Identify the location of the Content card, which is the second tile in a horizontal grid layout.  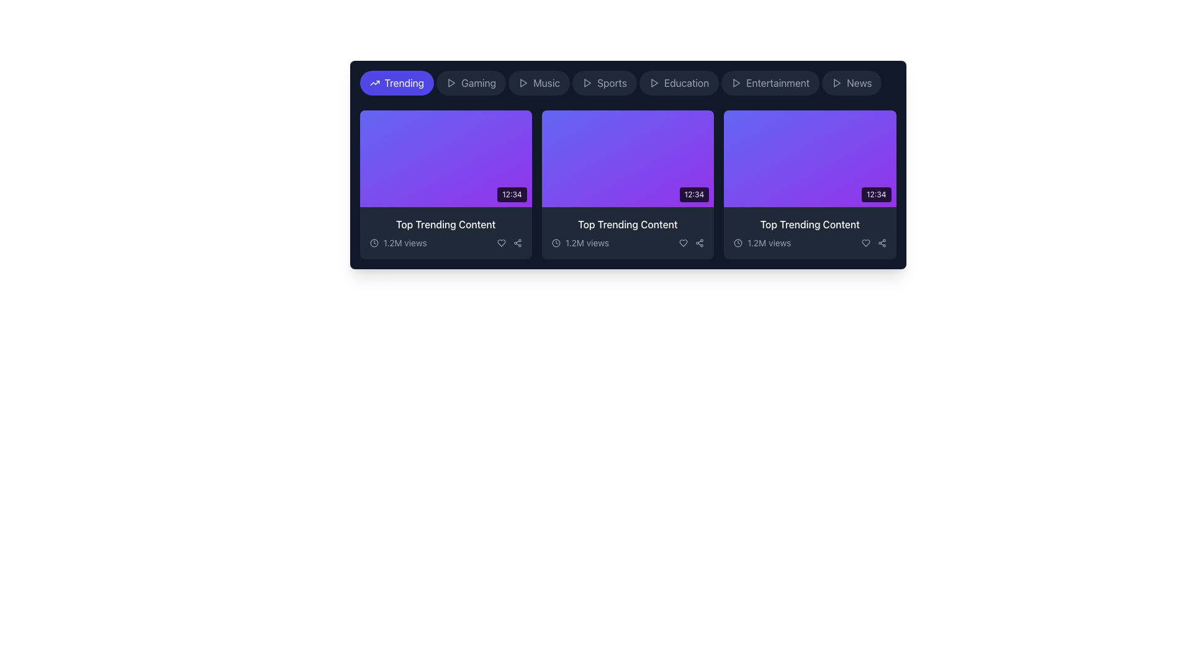
(628, 184).